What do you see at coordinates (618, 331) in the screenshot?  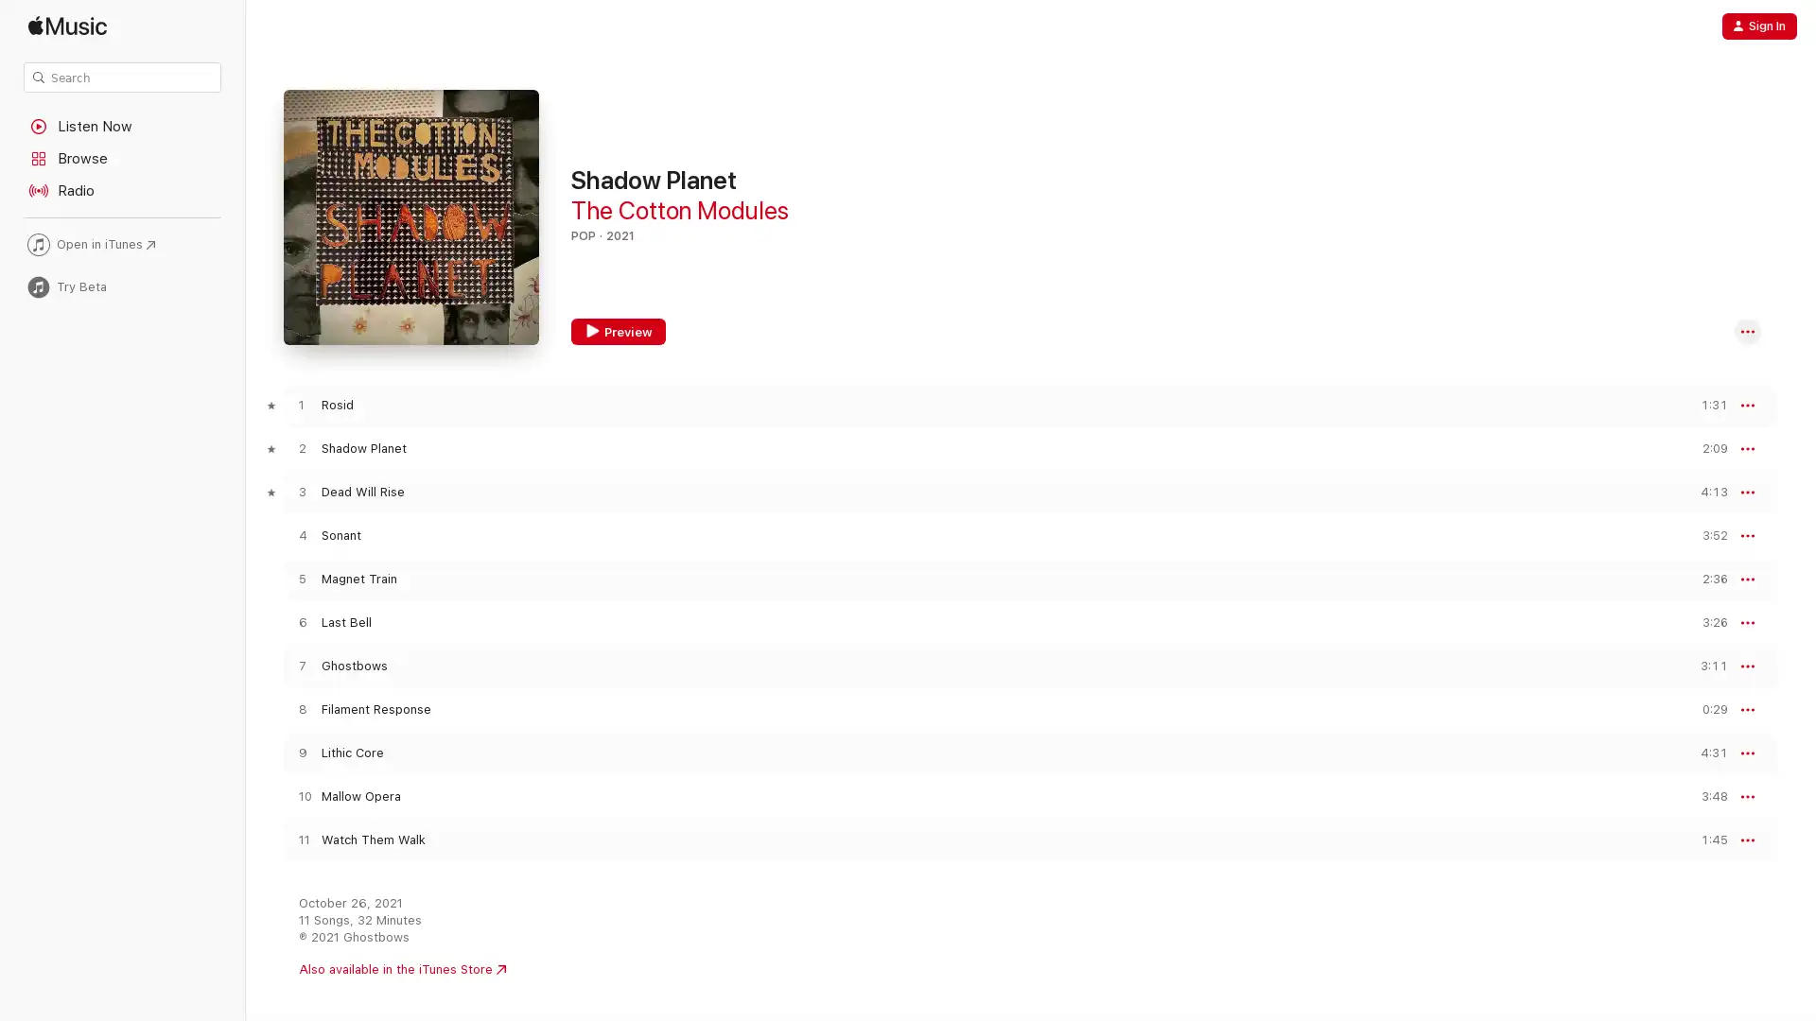 I see `Preview` at bounding box center [618, 331].